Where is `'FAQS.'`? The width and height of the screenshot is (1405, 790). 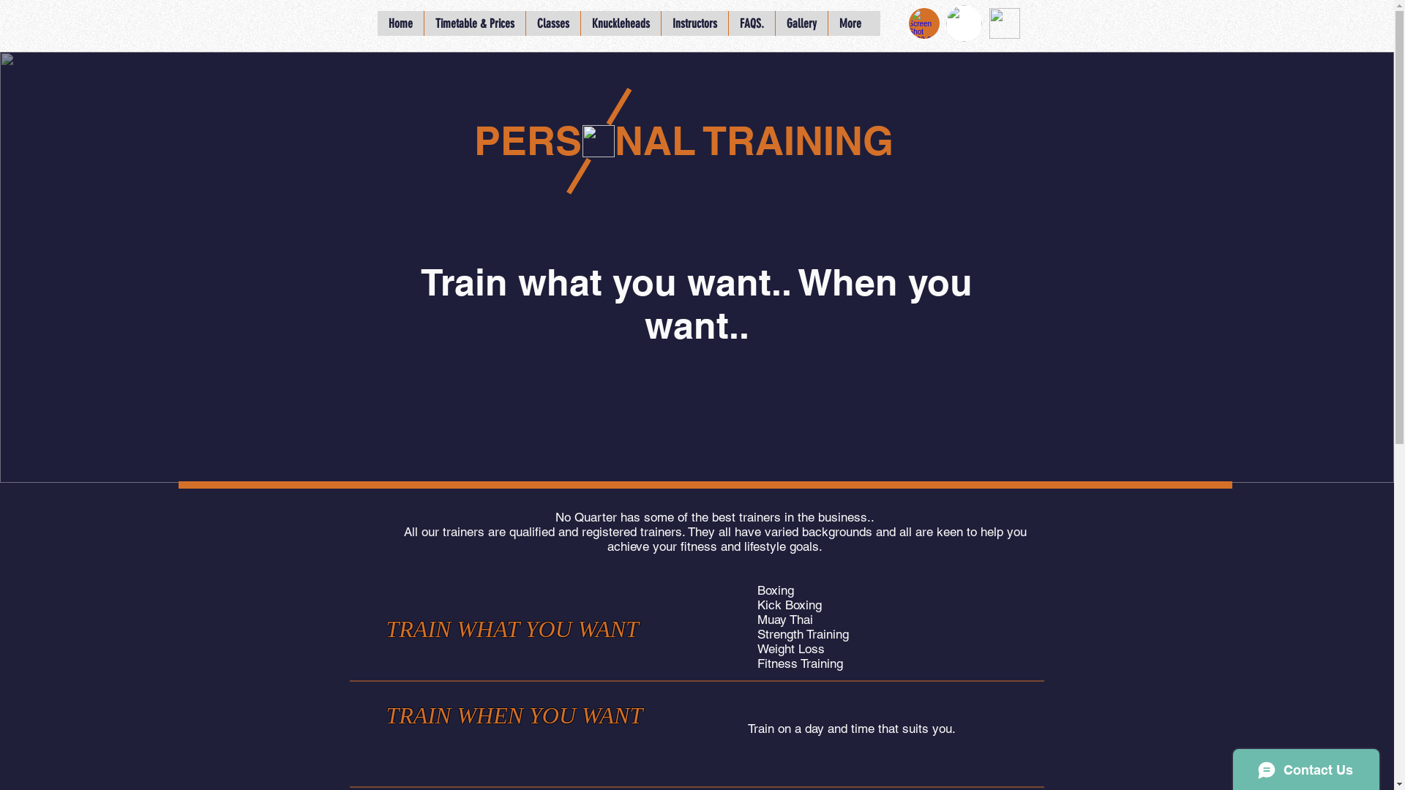 'FAQS.' is located at coordinates (727, 23).